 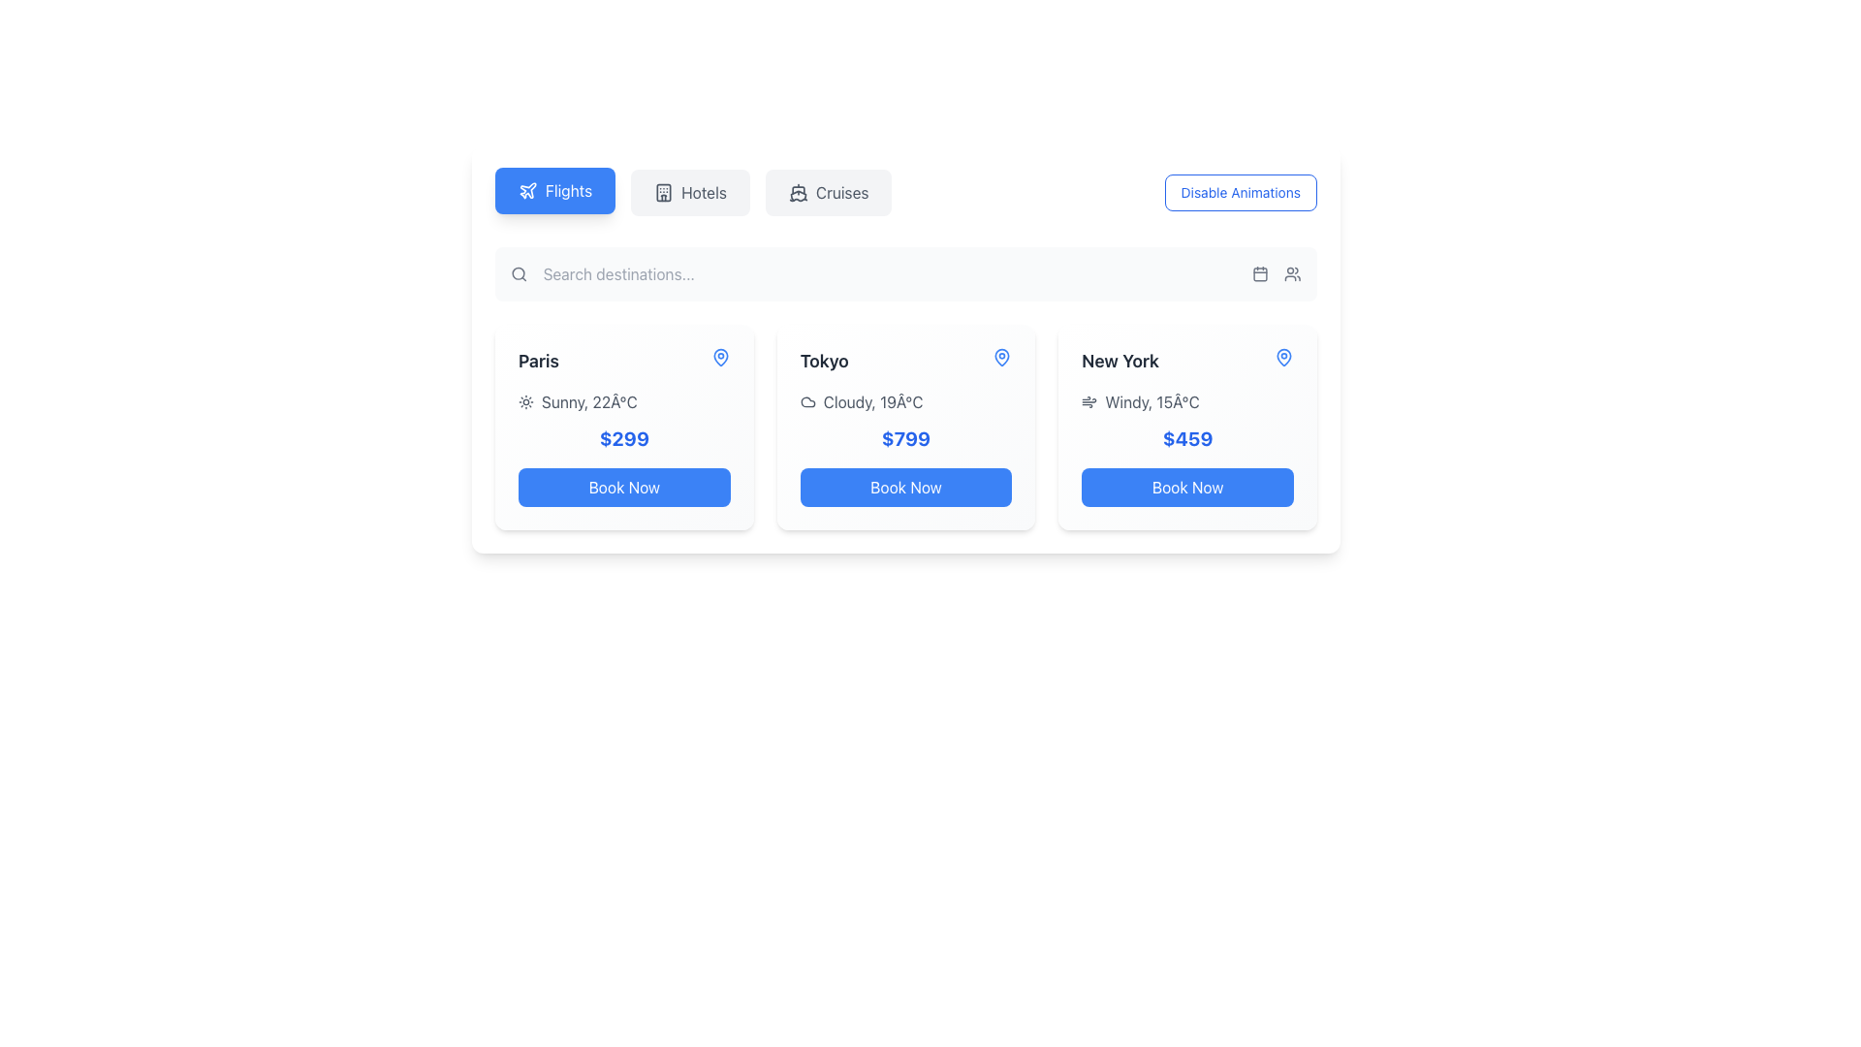 I want to click on the blue rectangular button with rounded corners labeled 'Flights', so click(x=554, y=190).